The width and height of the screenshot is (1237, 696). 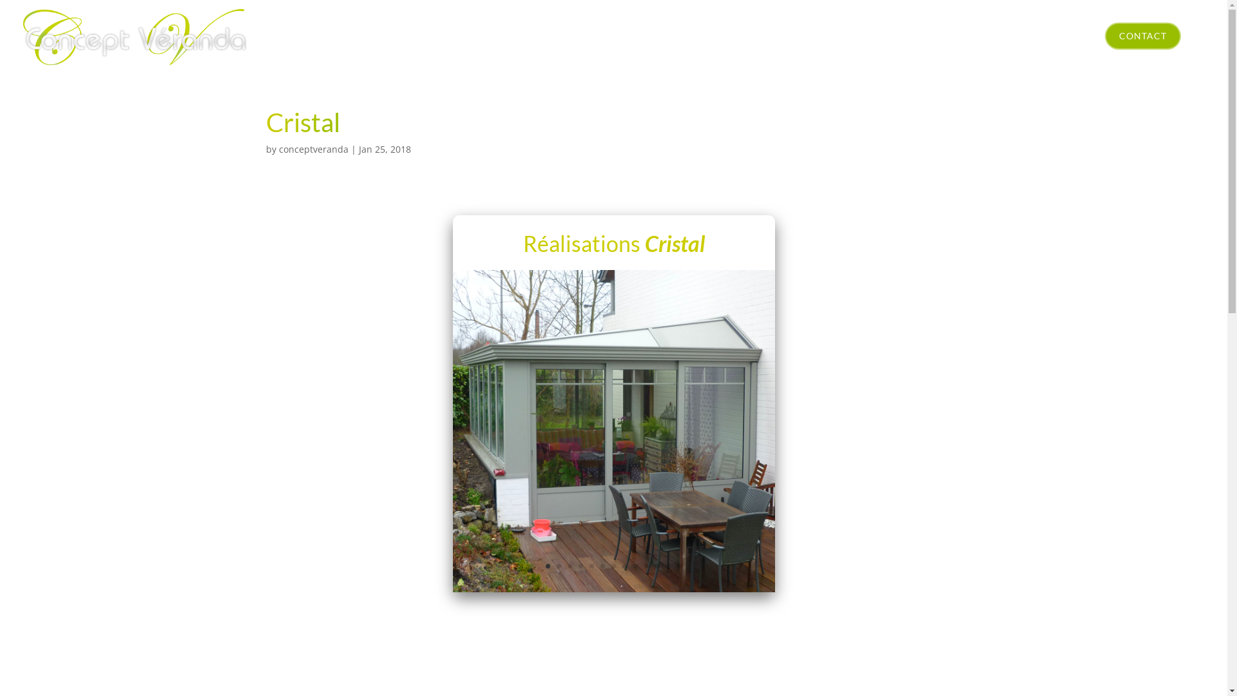 I want to click on '3', so click(x=569, y=565).